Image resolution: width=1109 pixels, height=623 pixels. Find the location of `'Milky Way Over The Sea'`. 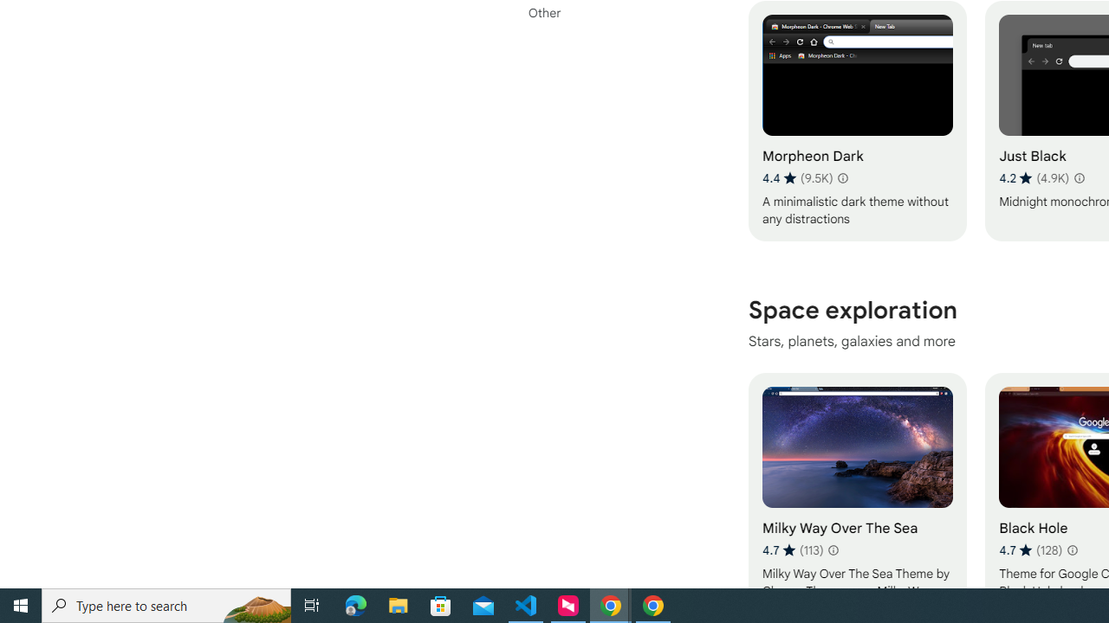

'Milky Way Over The Sea' is located at coordinates (857, 493).